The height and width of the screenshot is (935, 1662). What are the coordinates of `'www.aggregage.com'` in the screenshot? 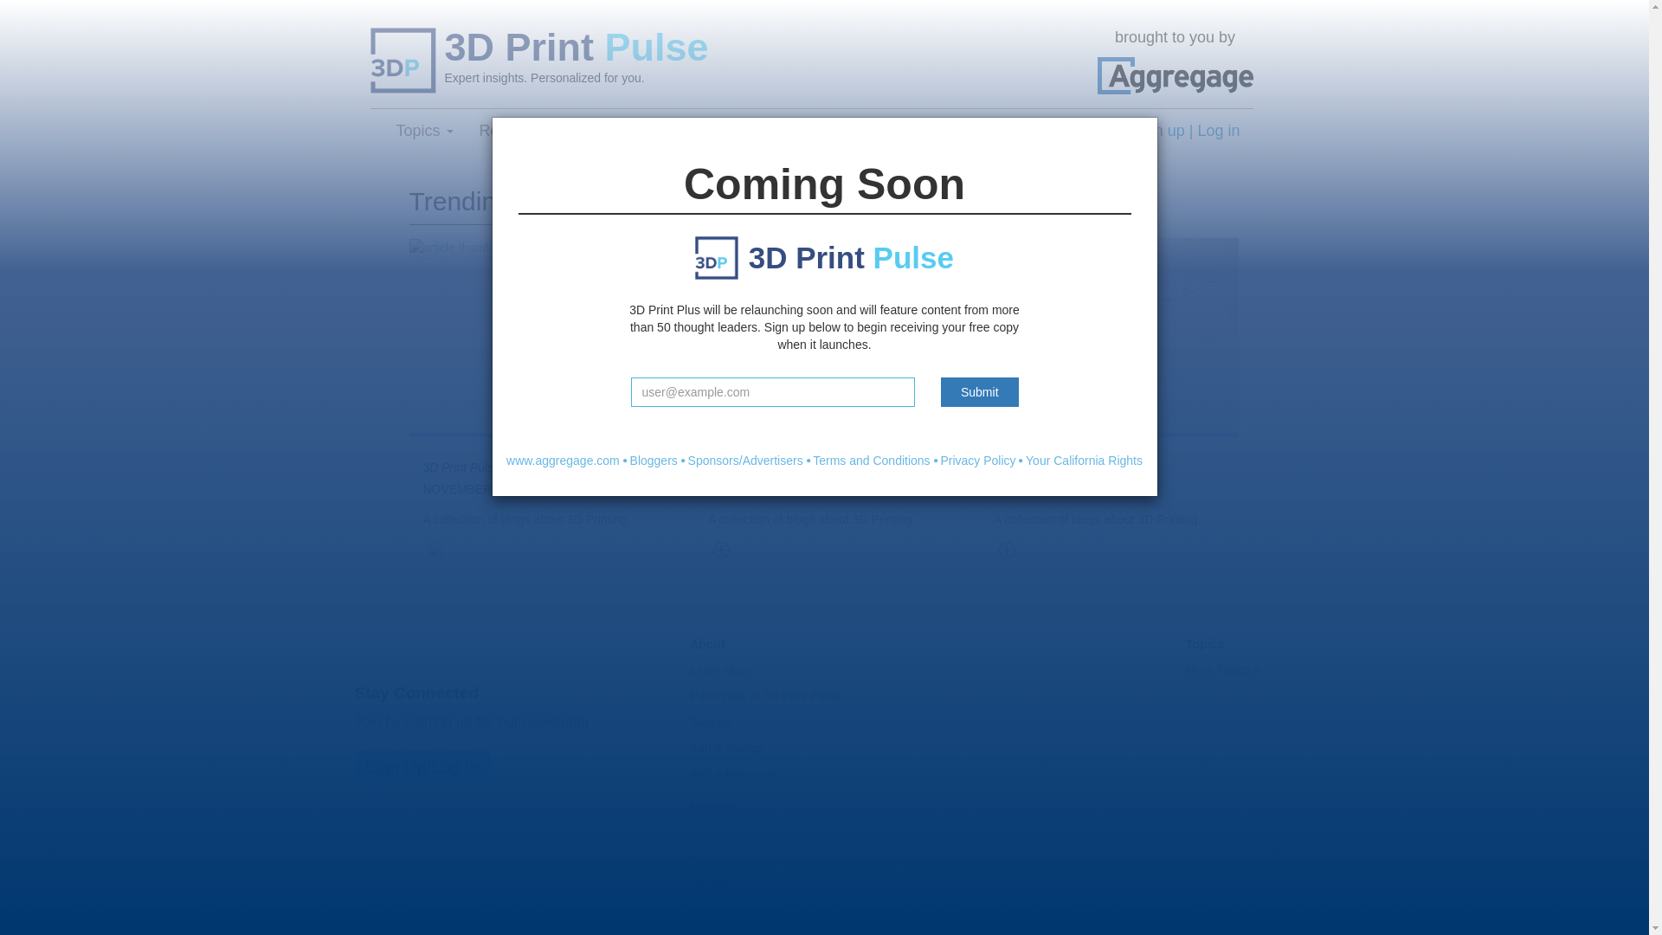 It's located at (563, 460).